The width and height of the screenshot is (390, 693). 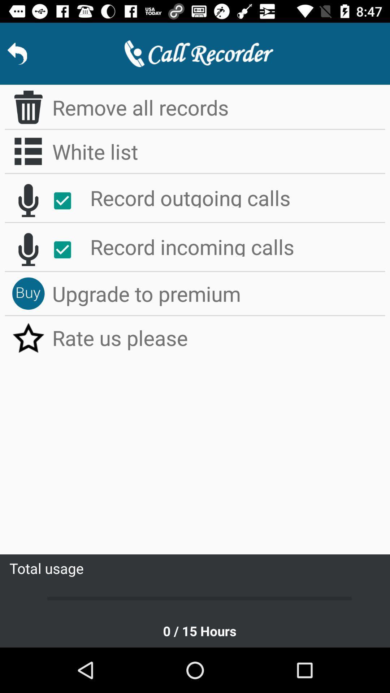 What do you see at coordinates (28, 107) in the screenshot?
I see `delete records` at bounding box center [28, 107].